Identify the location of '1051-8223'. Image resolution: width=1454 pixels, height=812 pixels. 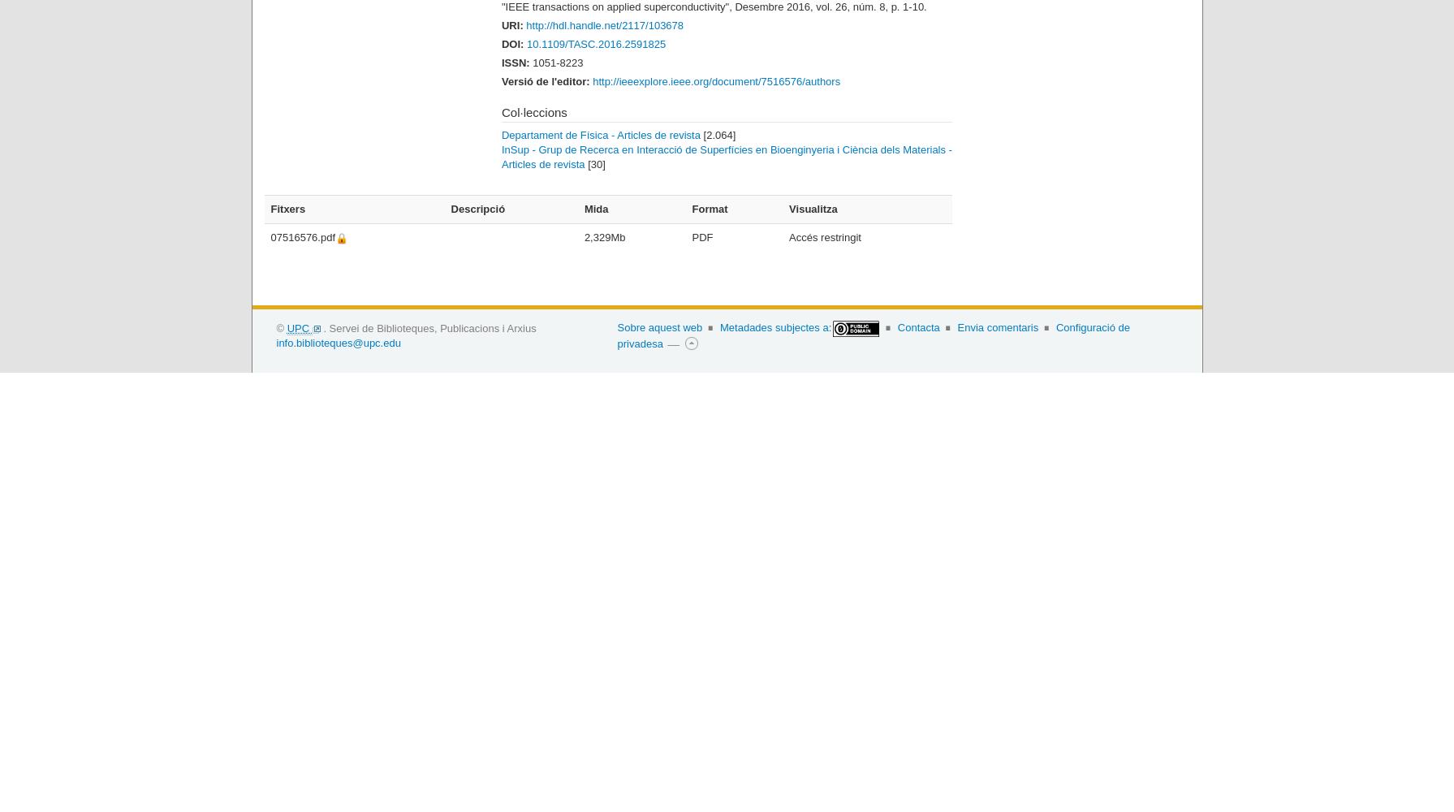
(533, 61).